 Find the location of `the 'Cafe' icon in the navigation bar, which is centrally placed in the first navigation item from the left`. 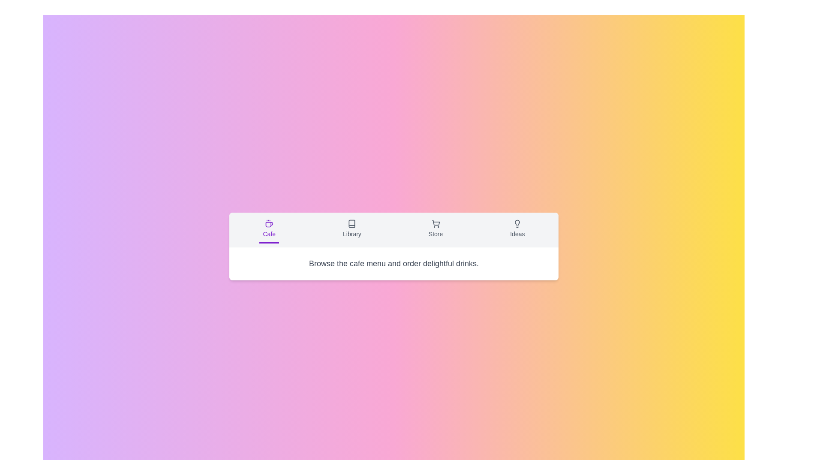

the 'Cafe' icon in the navigation bar, which is centrally placed in the first navigation item from the left is located at coordinates (269, 222).